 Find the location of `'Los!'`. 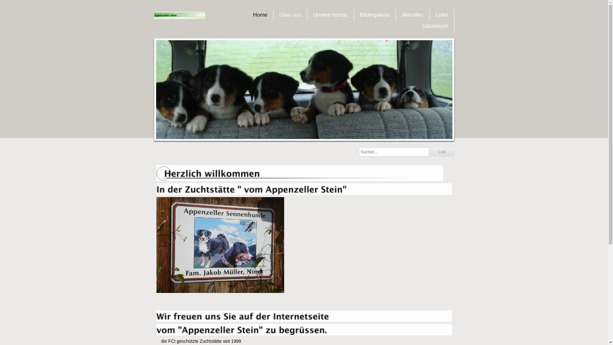

'Los!' is located at coordinates (442, 152).